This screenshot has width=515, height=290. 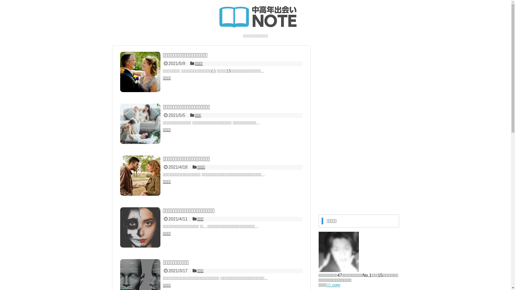 What do you see at coordinates (359, 126) in the screenshot?
I see `'Advertisement'` at bounding box center [359, 126].